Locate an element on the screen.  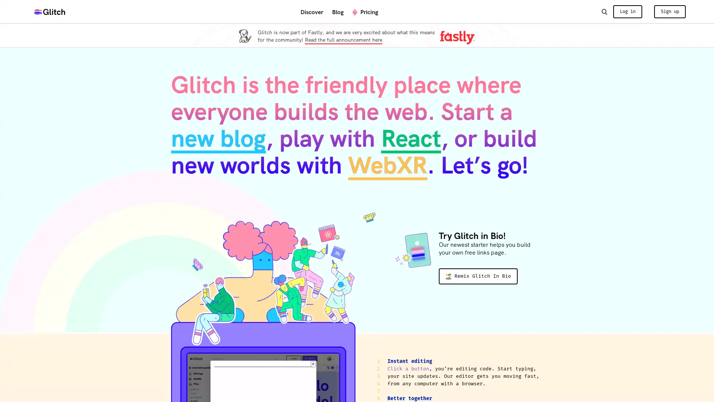
Search Glitch is located at coordinates (604, 11).